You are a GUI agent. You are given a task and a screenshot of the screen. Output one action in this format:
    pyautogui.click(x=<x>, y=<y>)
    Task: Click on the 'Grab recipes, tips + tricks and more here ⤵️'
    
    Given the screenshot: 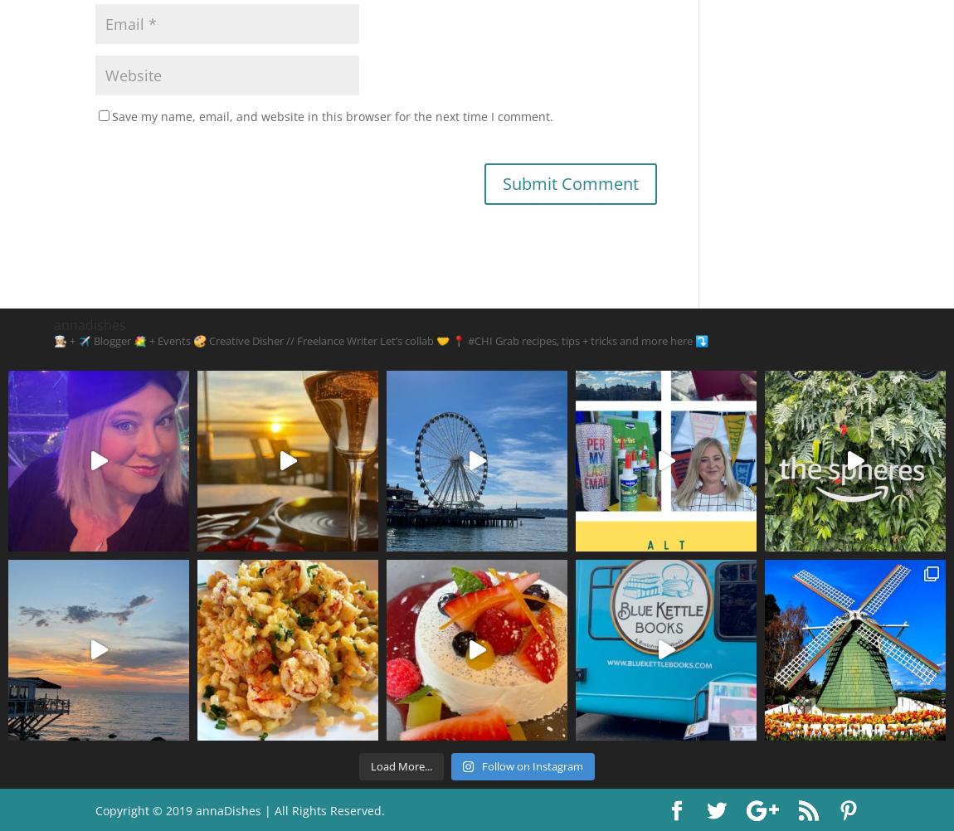 What is the action you would take?
    pyautogui.click(x=601, y=340)
    